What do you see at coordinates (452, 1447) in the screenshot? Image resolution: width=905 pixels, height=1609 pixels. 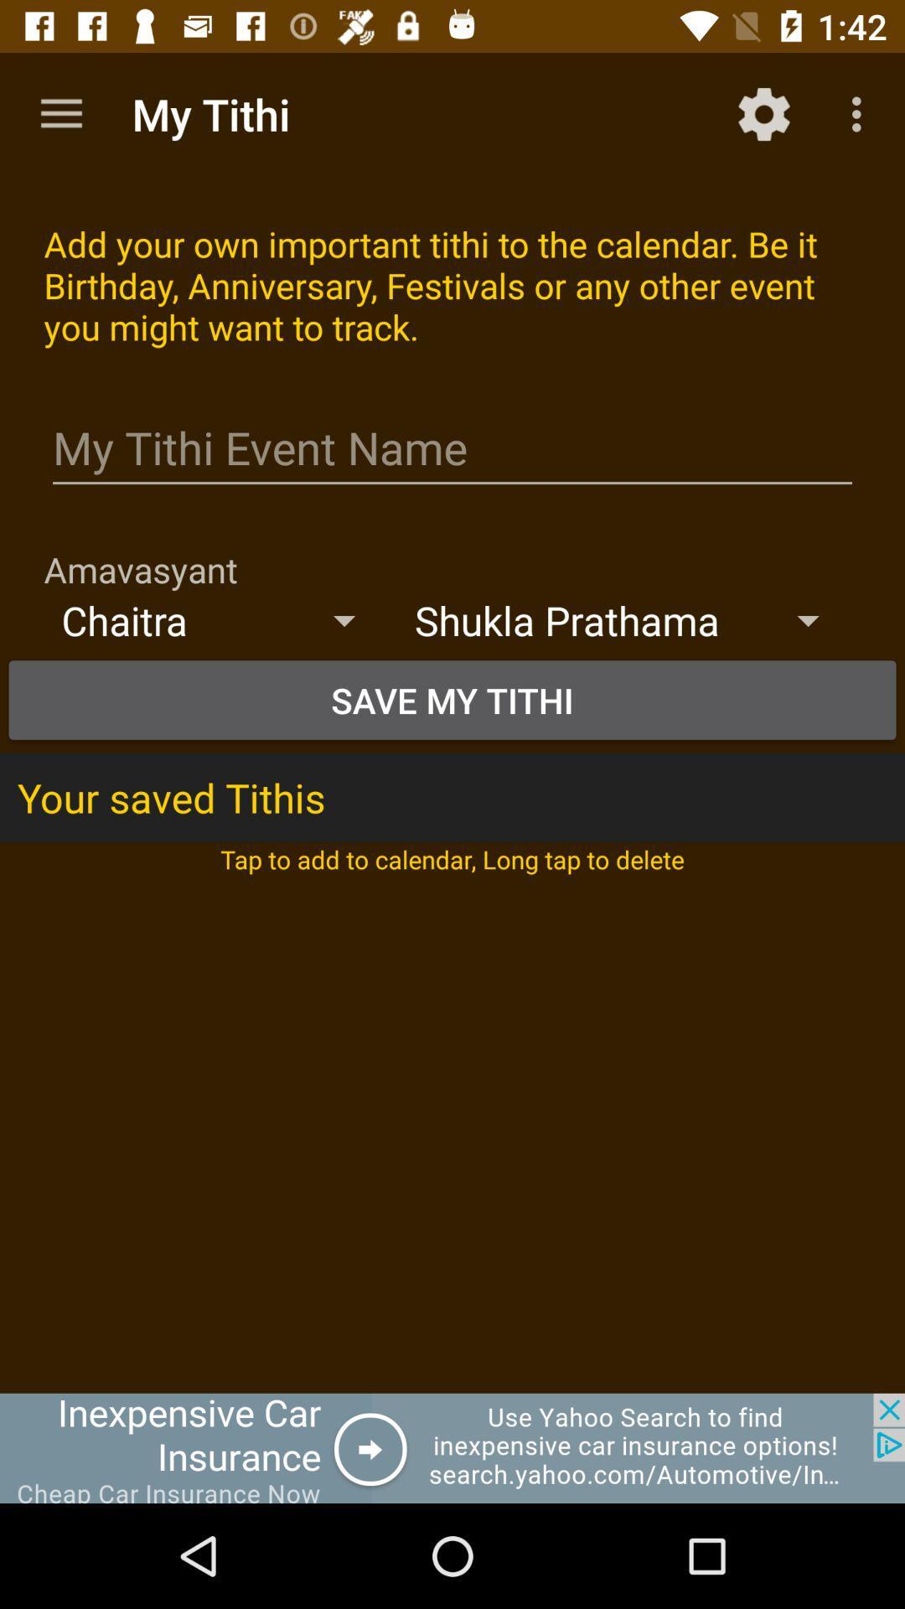 I see `insurance adds` at bounding box center [452, 1447].